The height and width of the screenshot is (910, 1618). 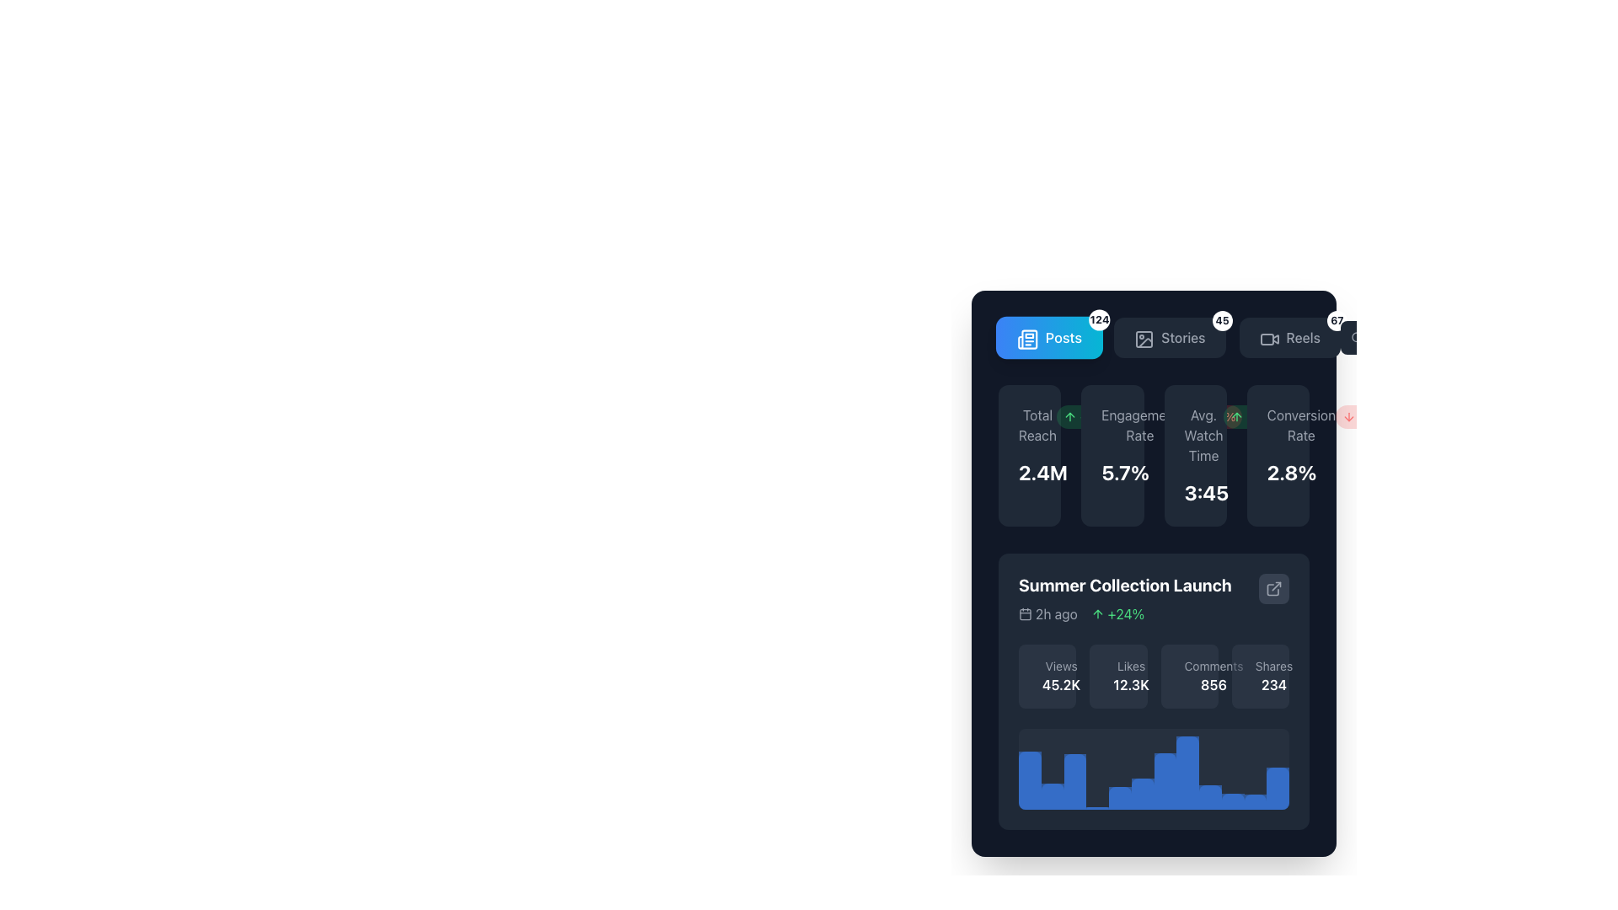 What do you see at coordinates (1203, 434) in the screenshot?
I see `the static text label indicating the average watch time, which is located at the top center of the dashboard card above the numeric time value` at bounding box center [1203, 434].